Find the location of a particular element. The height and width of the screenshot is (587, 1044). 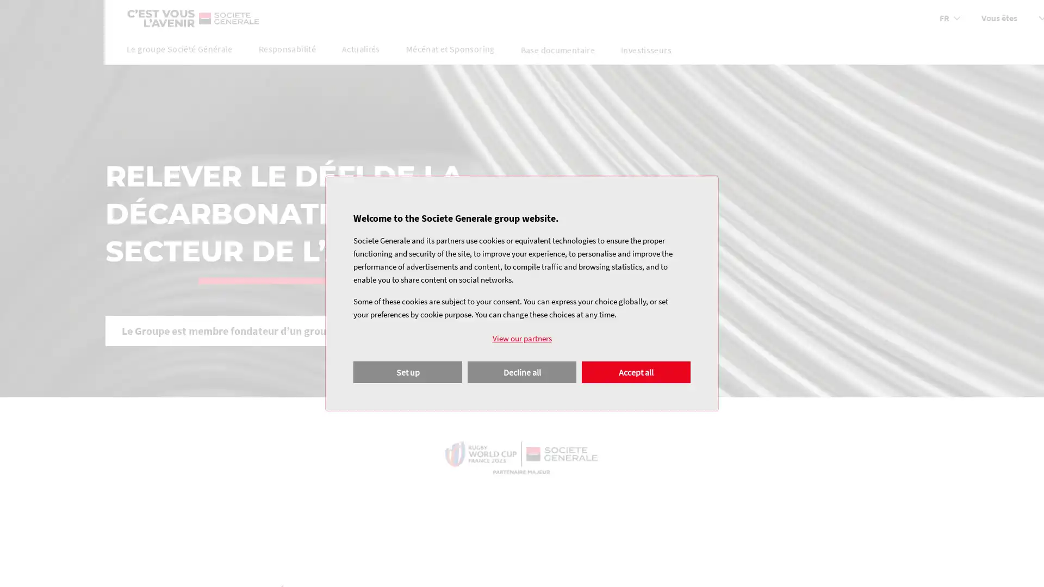

Vous etes is located at coordinates (804, 61).